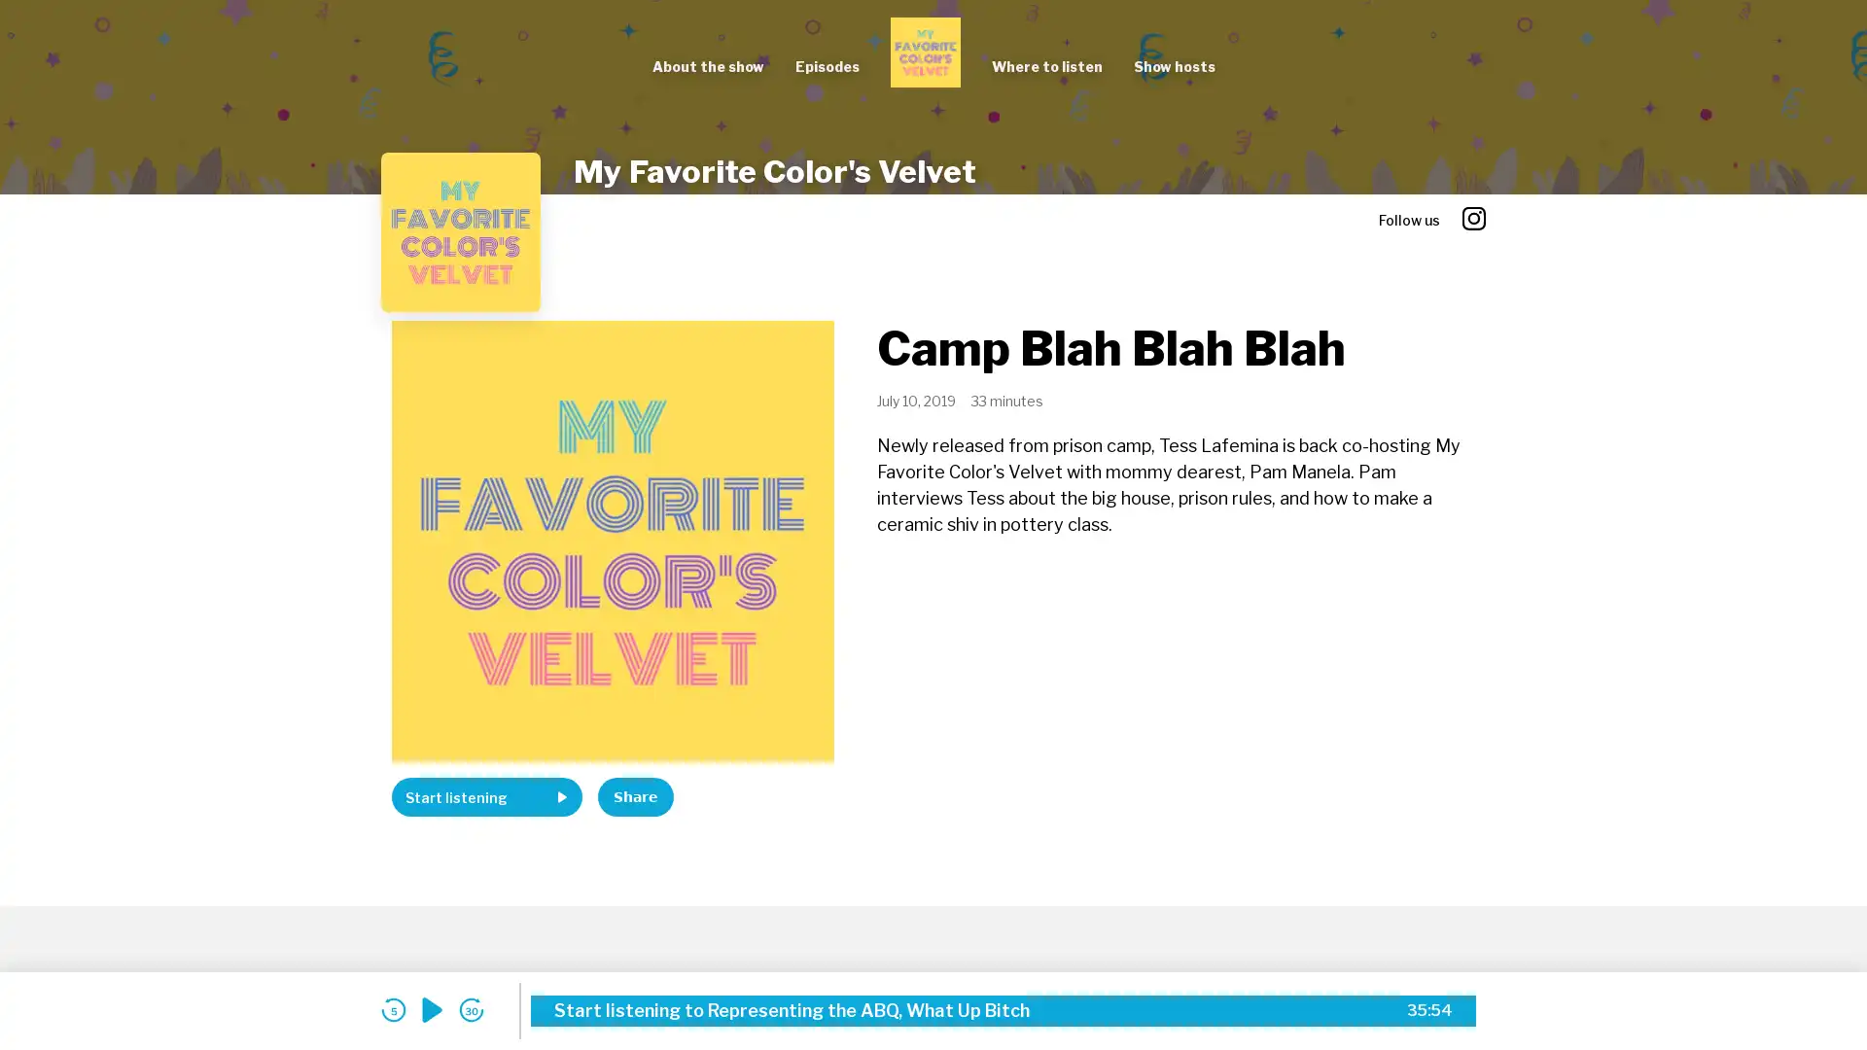 This screenshot has height=1050, width=1867. What do you see at coordinates (471, 1009) in the screenshot?
I see `skip forward 30 seconds` at bounding box center [471, 1009].